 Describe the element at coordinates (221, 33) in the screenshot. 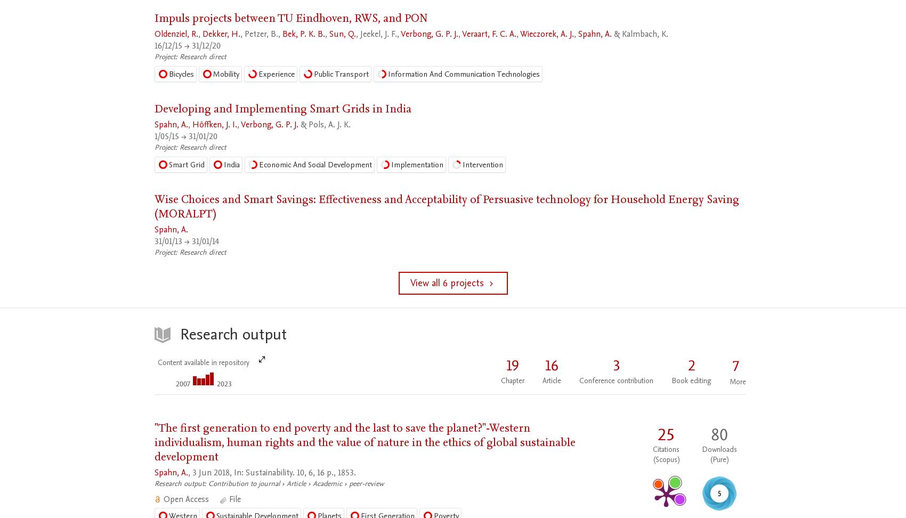

I see `'Dekker, H.'` at that location.